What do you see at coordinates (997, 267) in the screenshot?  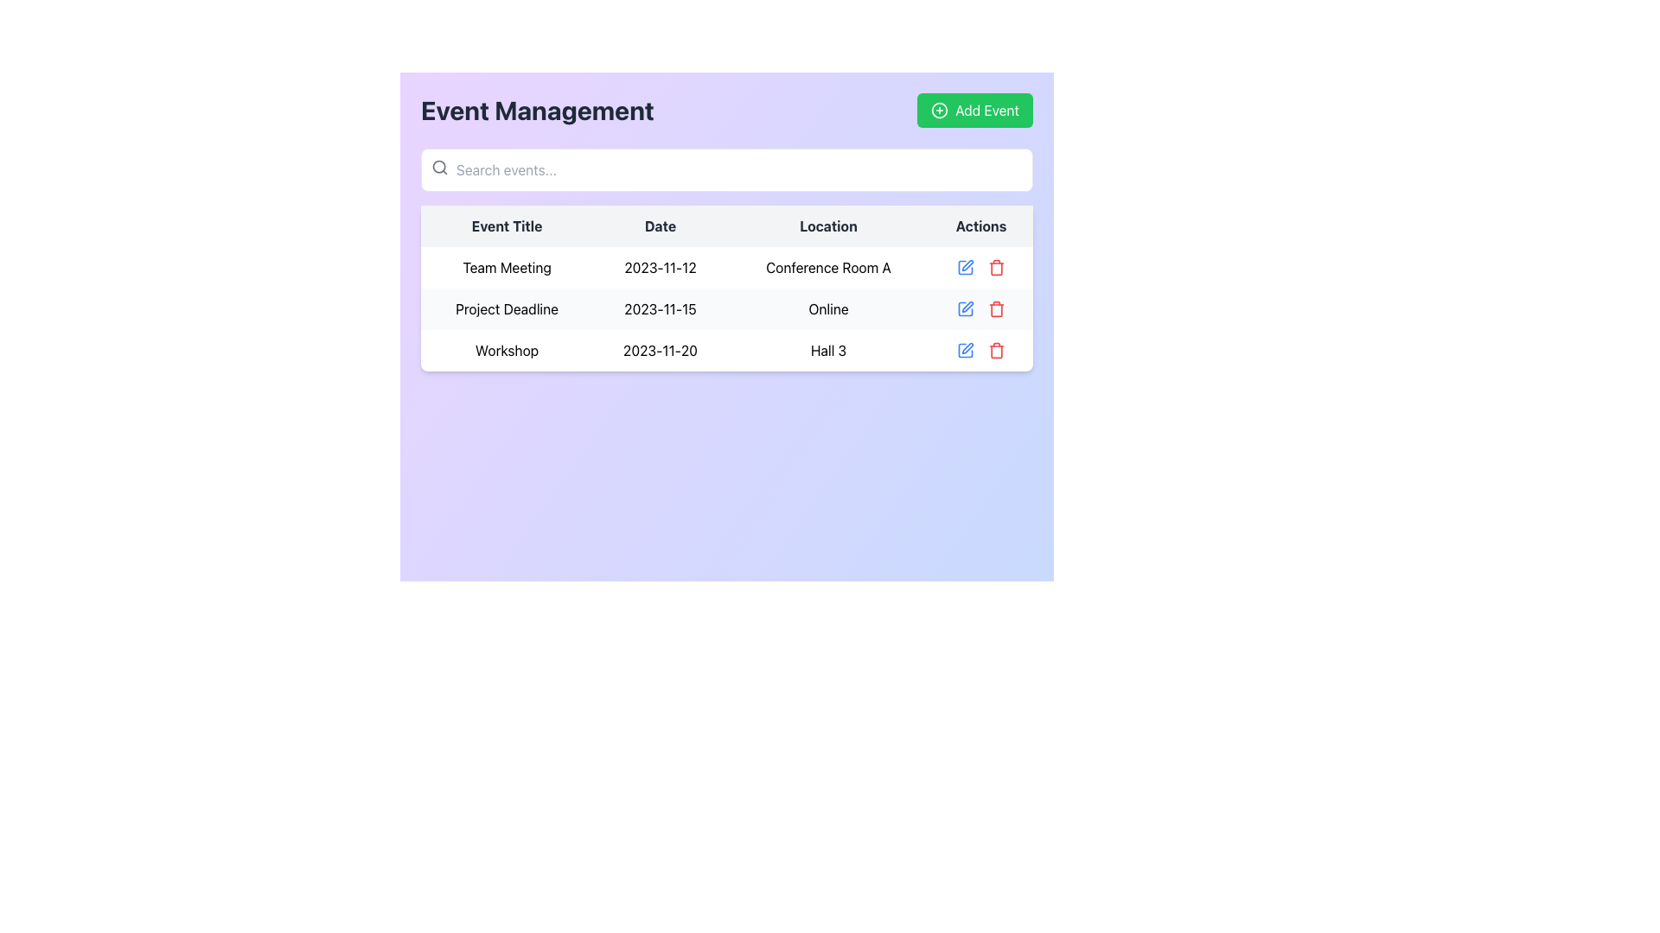 I see `the red trash icon in the 'Actions' column of the table` at bounding box center [997, 267].